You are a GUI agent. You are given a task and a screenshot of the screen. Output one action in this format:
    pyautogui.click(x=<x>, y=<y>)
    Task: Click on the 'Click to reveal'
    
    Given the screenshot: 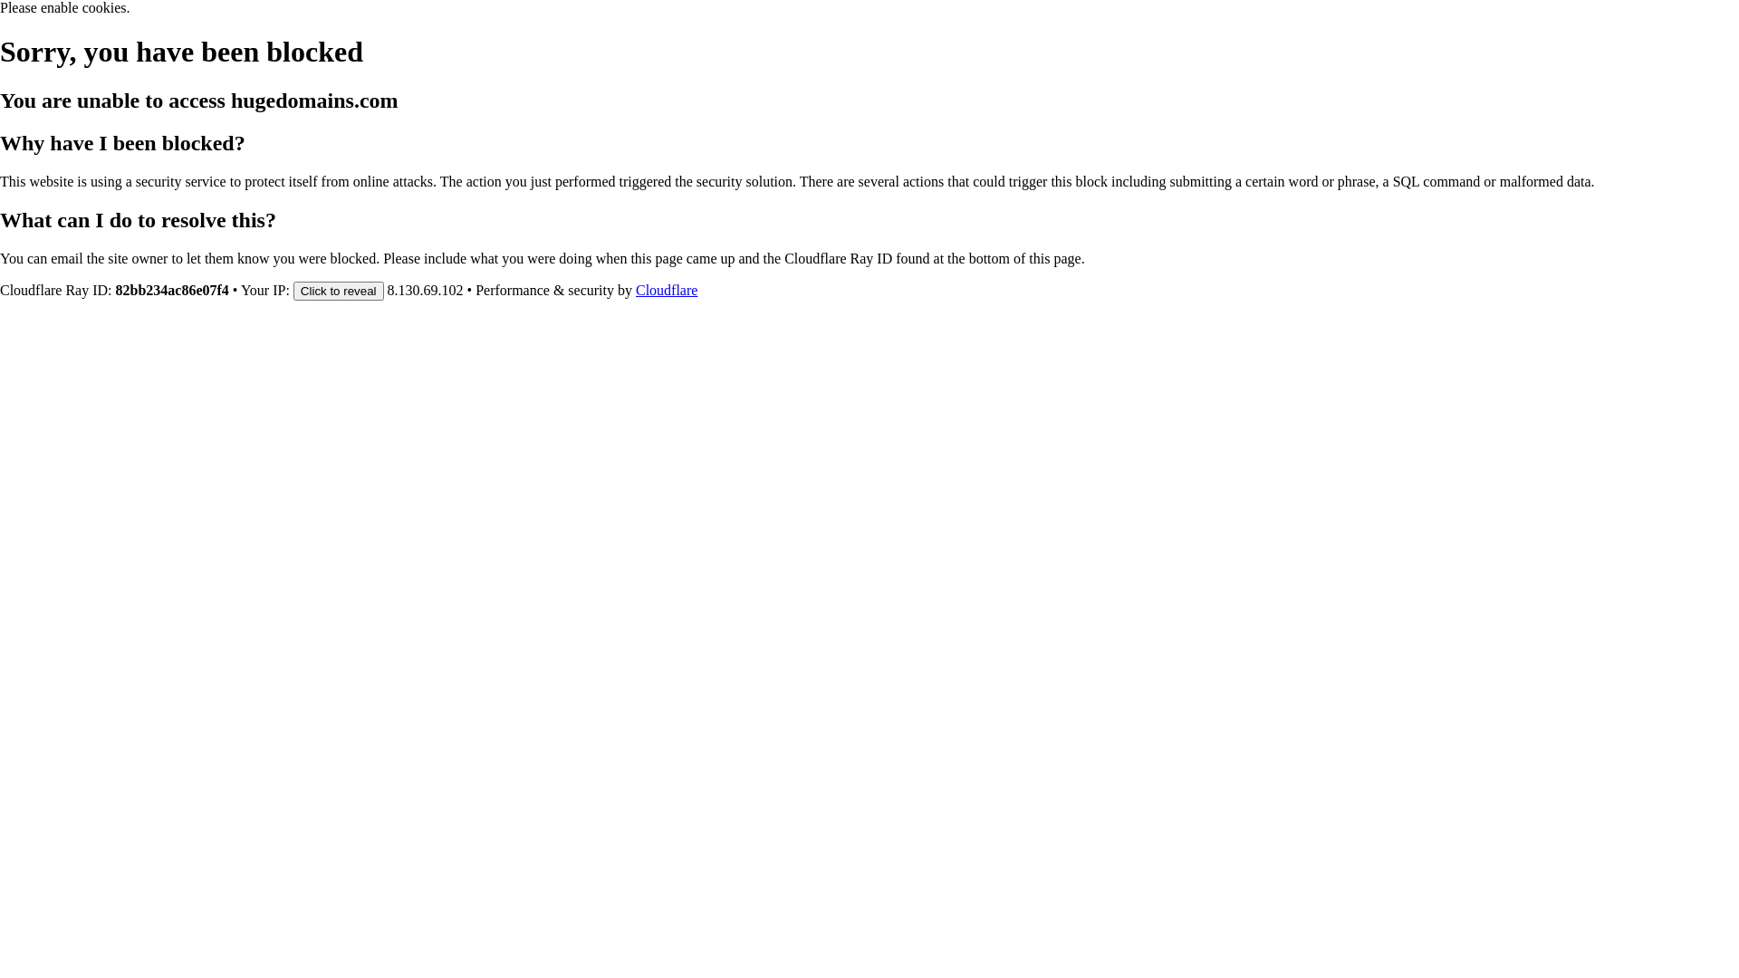 What is the action you would take?
    pyautogui.click(x=339, y=289)
    